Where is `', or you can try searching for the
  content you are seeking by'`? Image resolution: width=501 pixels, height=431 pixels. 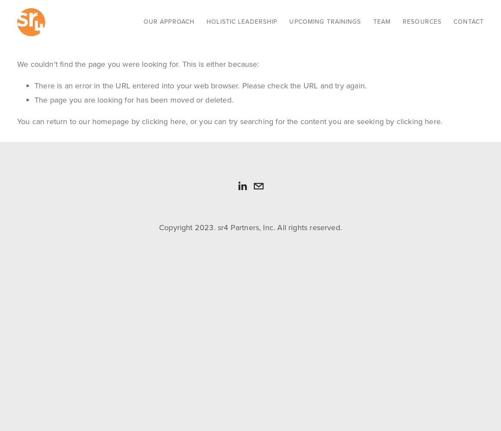 ', or you can try searching for the
  content you are seeking by' is located at coordinates (185, 122).